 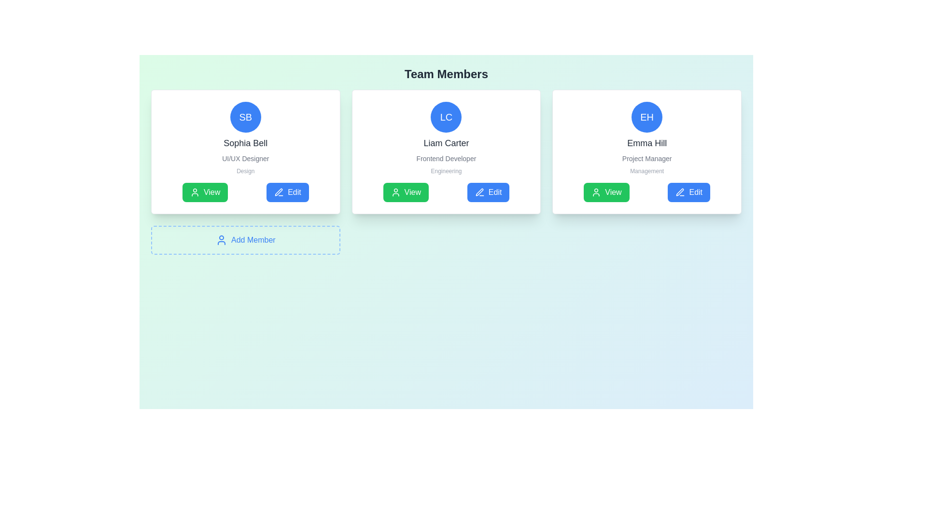 What do you see at coordinates (245, 138) in the screenshot?
I see `the 'Sophia Bell' text within the Profile information block` at bounding box center [245, 138].